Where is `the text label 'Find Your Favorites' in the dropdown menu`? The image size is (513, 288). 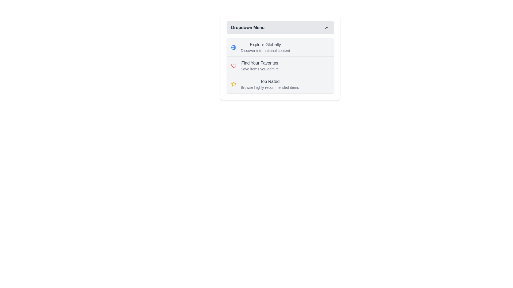
the text label 'Find Your Favorites' in the dropdown menu is located at coordinates (260, 63).